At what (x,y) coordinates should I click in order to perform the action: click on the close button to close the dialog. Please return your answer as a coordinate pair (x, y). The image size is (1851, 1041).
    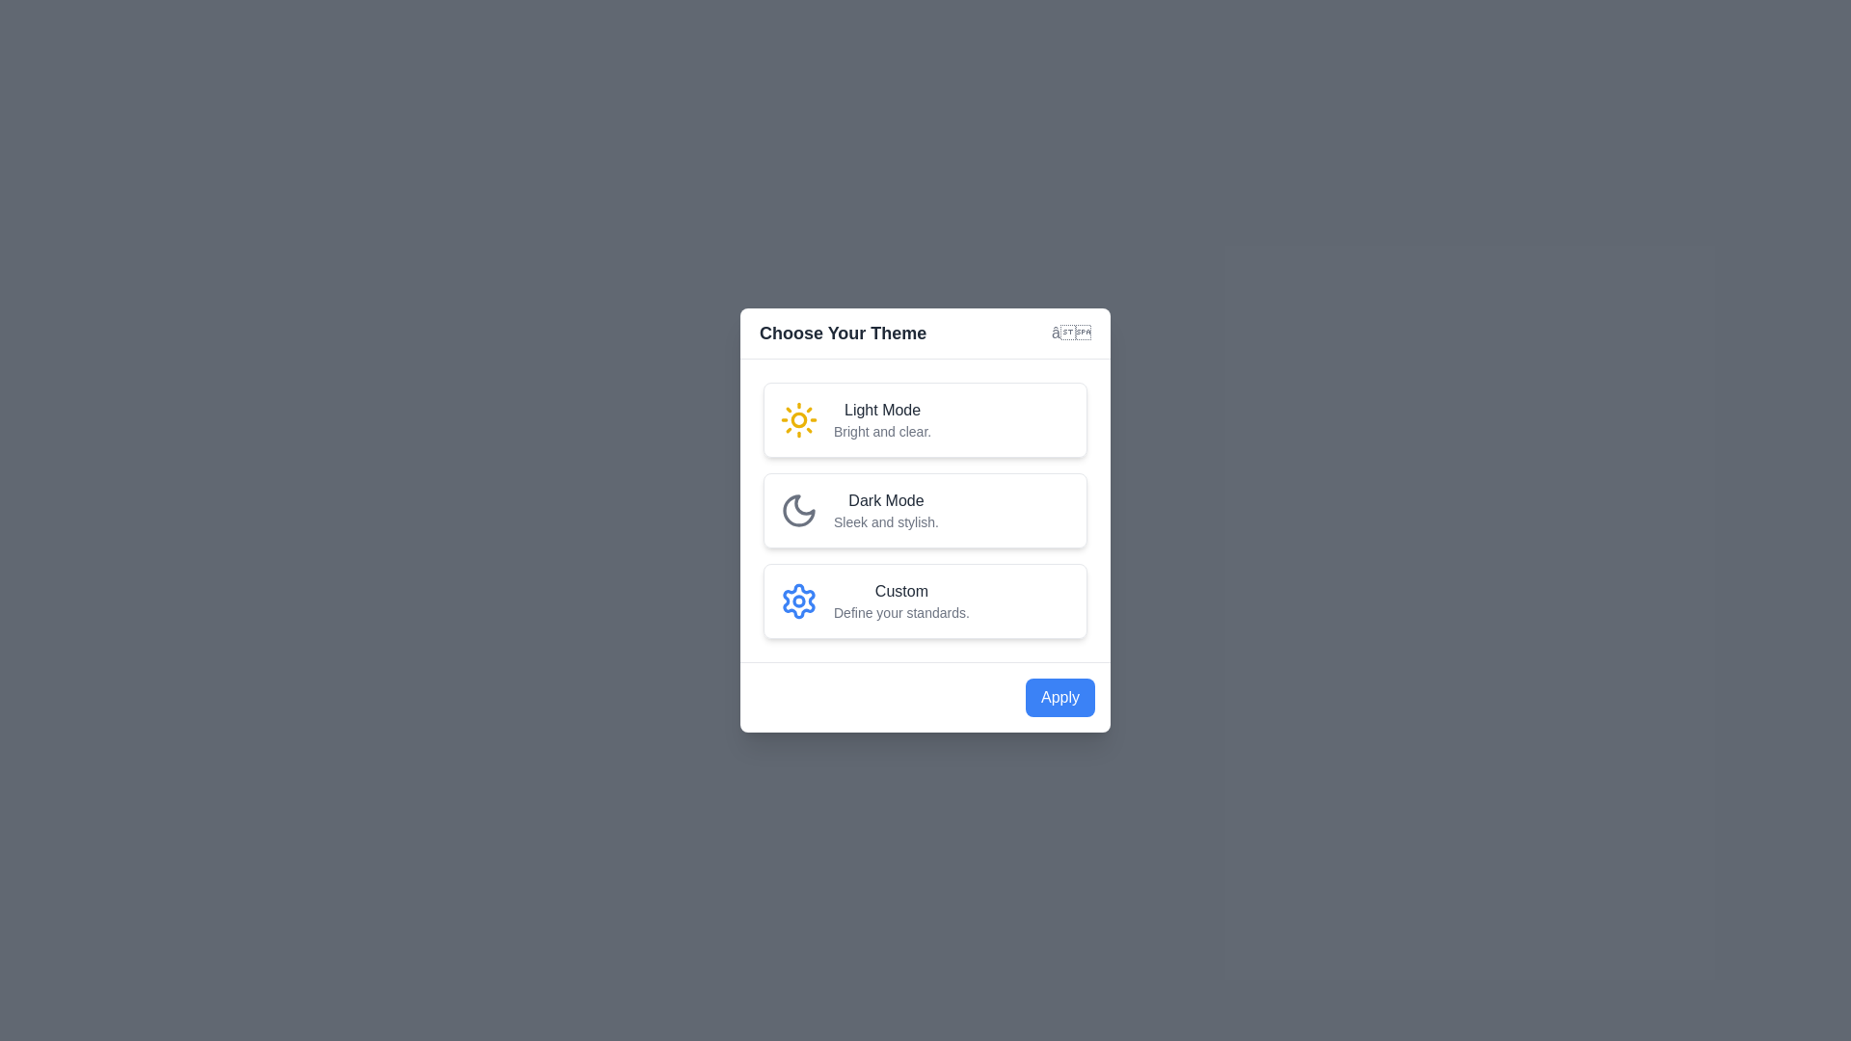
    Looking at the image, I should click on (1069, 333).